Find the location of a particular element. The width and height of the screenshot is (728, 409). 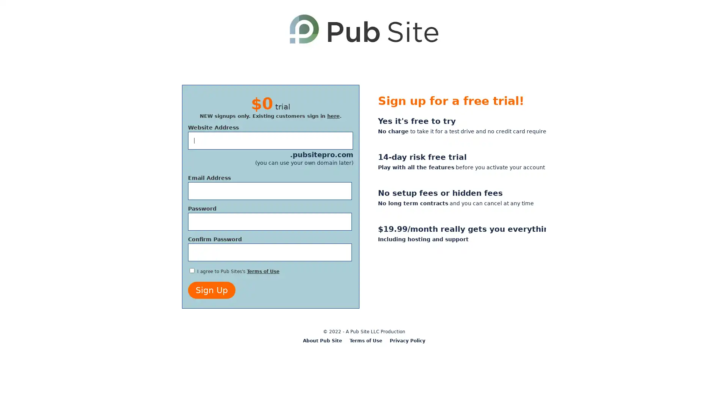

Sign Up is located at coordinates (212, 290).